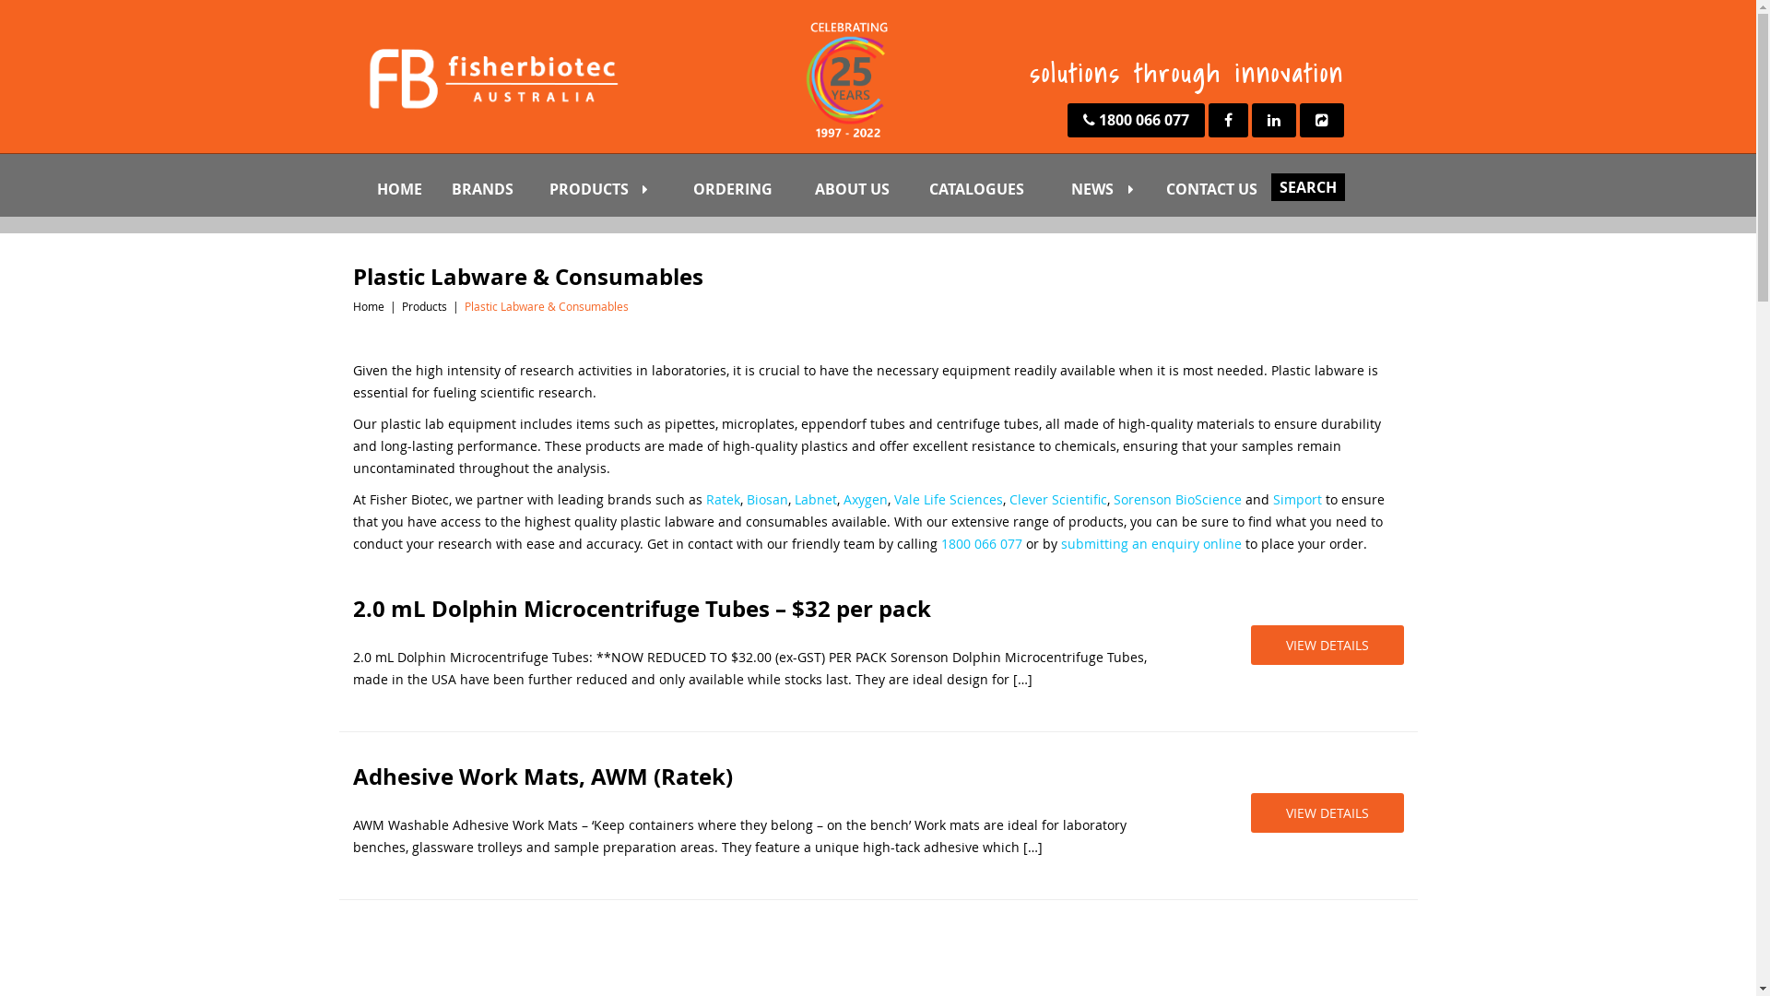 The width and height of the screenshot is (1770, 996). Describe the element at coordinates (980, 542) in the screenshot. I see `'1800 066 077'` at that location.